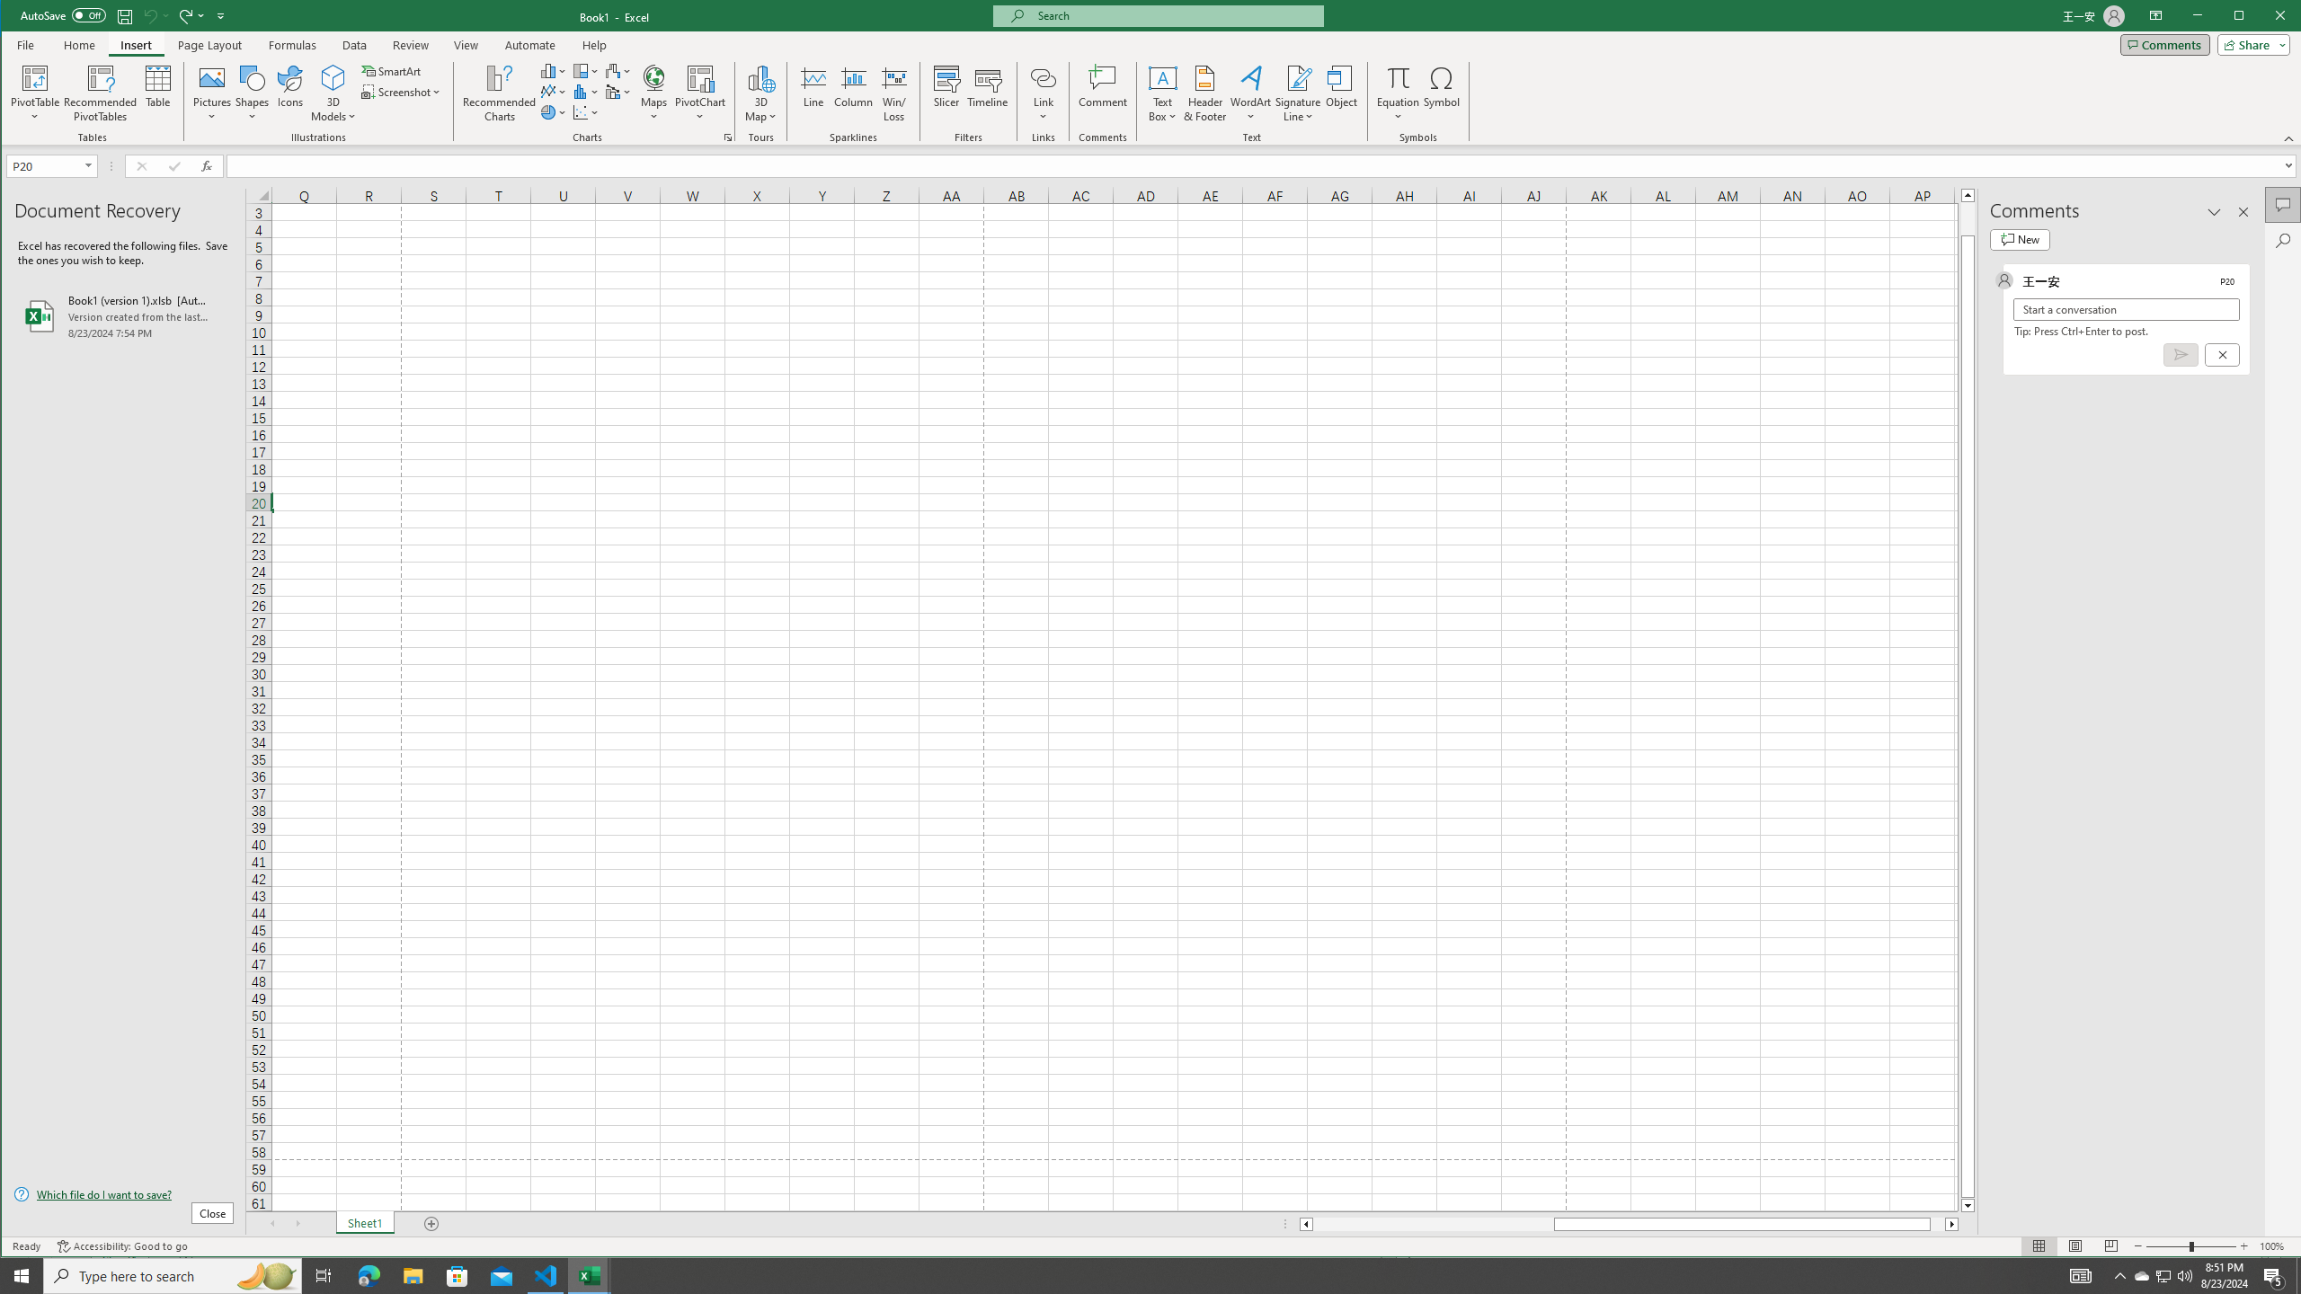 The width and height of the screenshot is (2301, 1294). I want to click on 'Insert Column or Bar Chart', so click(553, 70).